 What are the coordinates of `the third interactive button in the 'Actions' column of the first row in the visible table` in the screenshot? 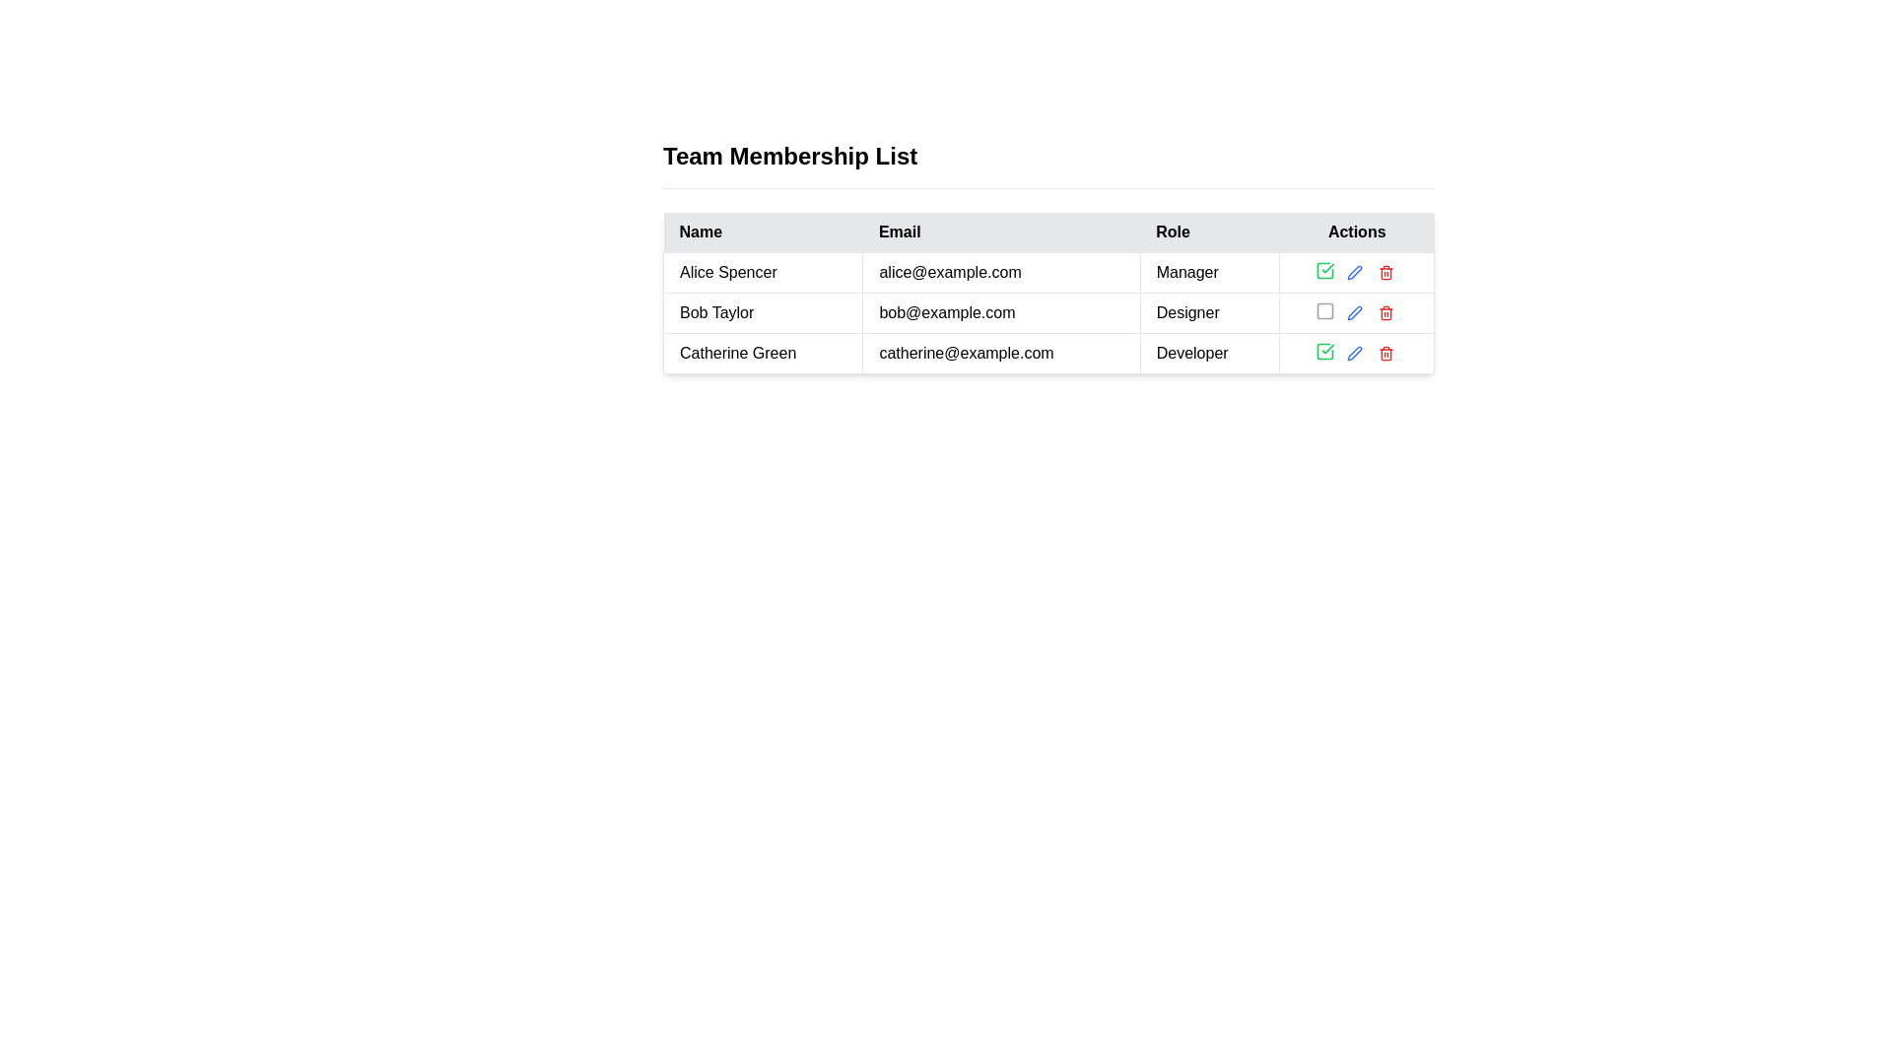 It's located at (1385, 273).